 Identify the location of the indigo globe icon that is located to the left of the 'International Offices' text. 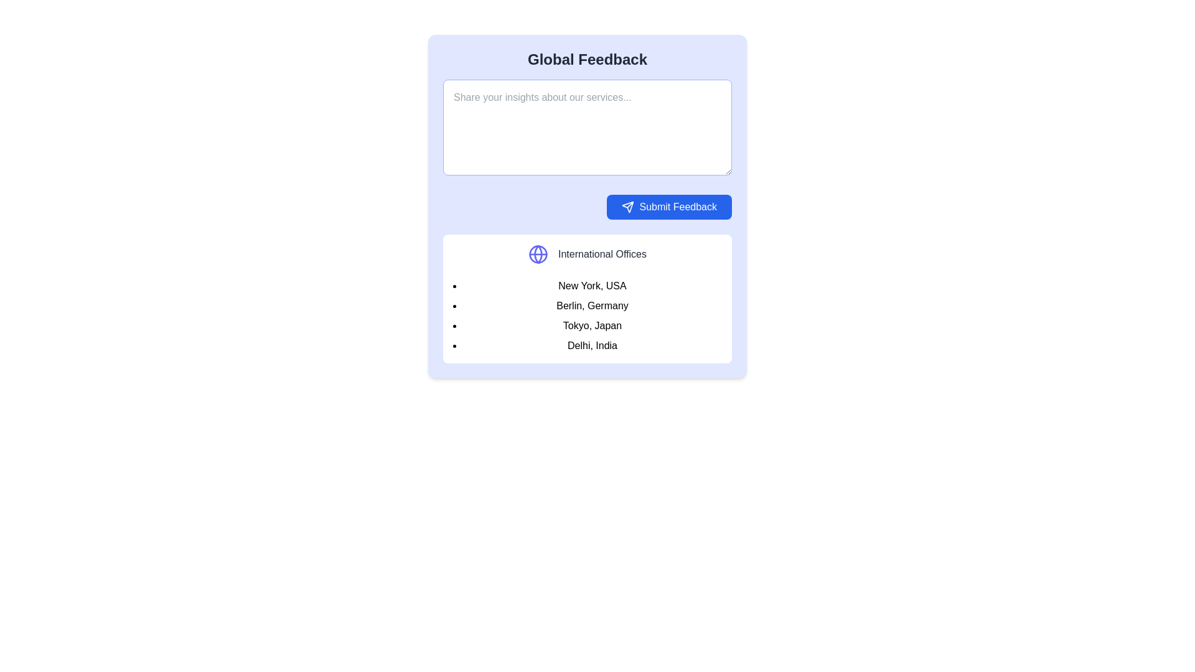
(538, 253).